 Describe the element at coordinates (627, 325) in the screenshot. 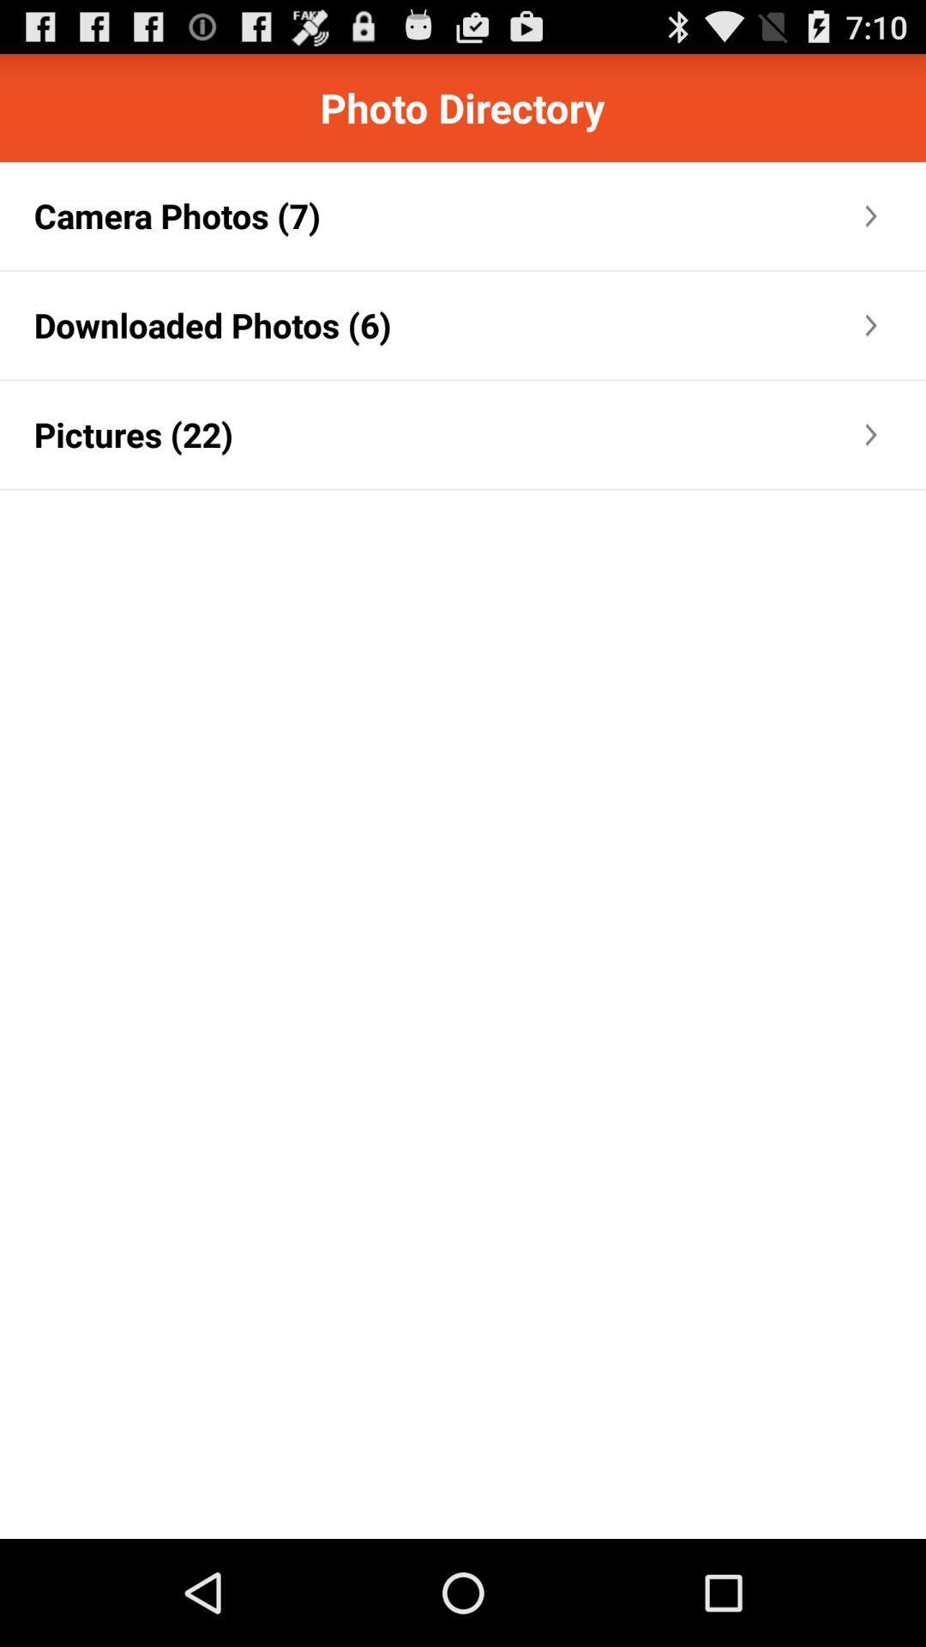

I see `the app next to the downloaded photos (6) app` at that location.